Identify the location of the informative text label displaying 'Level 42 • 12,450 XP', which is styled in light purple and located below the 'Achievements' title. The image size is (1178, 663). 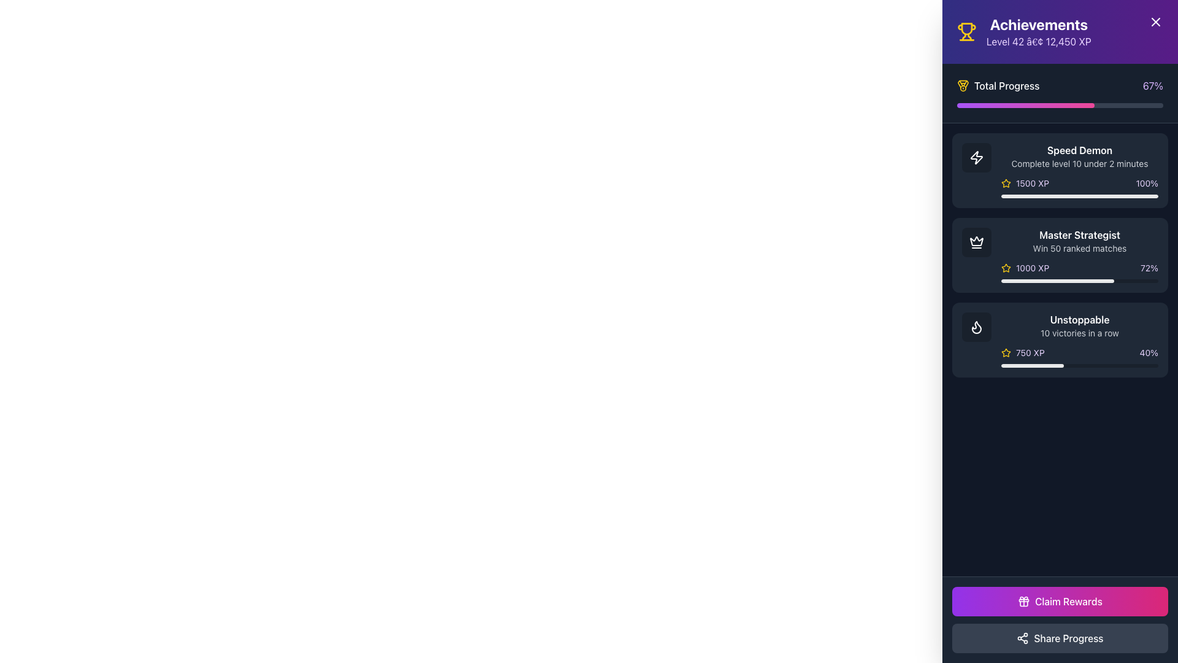
(1038, 41).